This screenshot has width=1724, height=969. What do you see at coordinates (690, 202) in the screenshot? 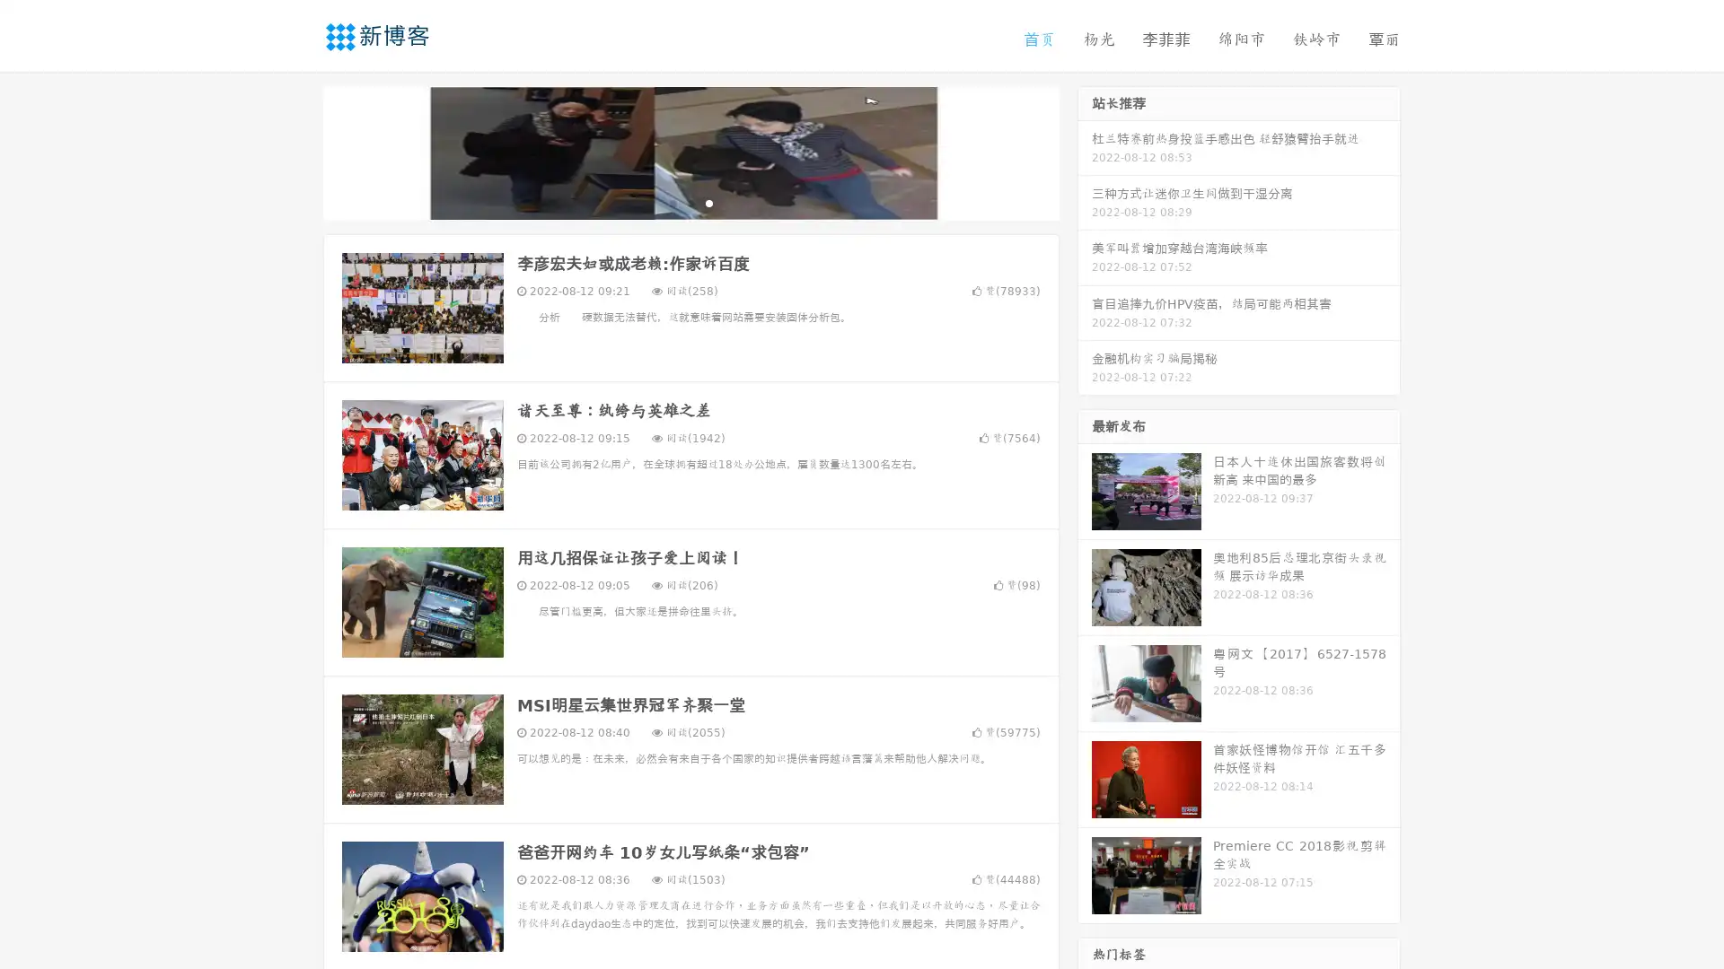
I see `Go to slide 2` at bounding box center [690, 202].